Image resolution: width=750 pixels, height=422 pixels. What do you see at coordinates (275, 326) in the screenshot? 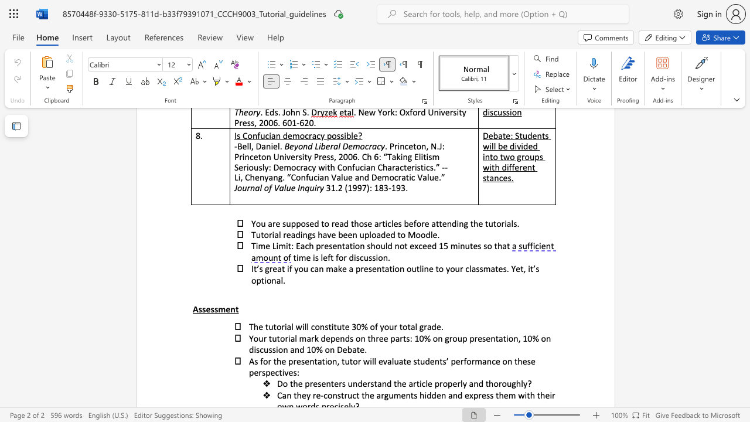
I see `the subset text "orial w" within the text "The tutorial will"` at bounding box center [275, 326].